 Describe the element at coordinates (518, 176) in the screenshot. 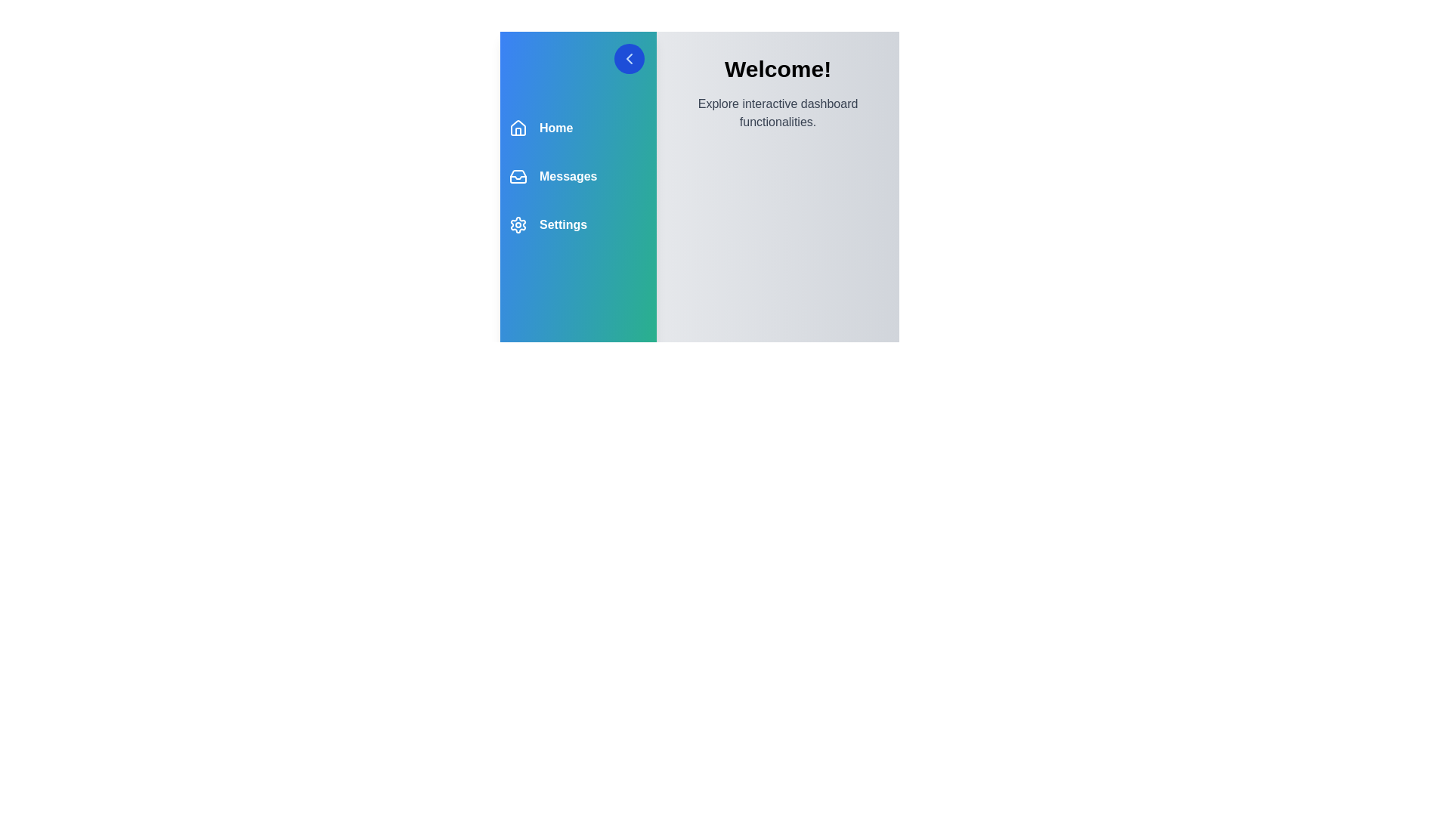

I see `the 'Messages' icon in the sidebar menu` at that location.